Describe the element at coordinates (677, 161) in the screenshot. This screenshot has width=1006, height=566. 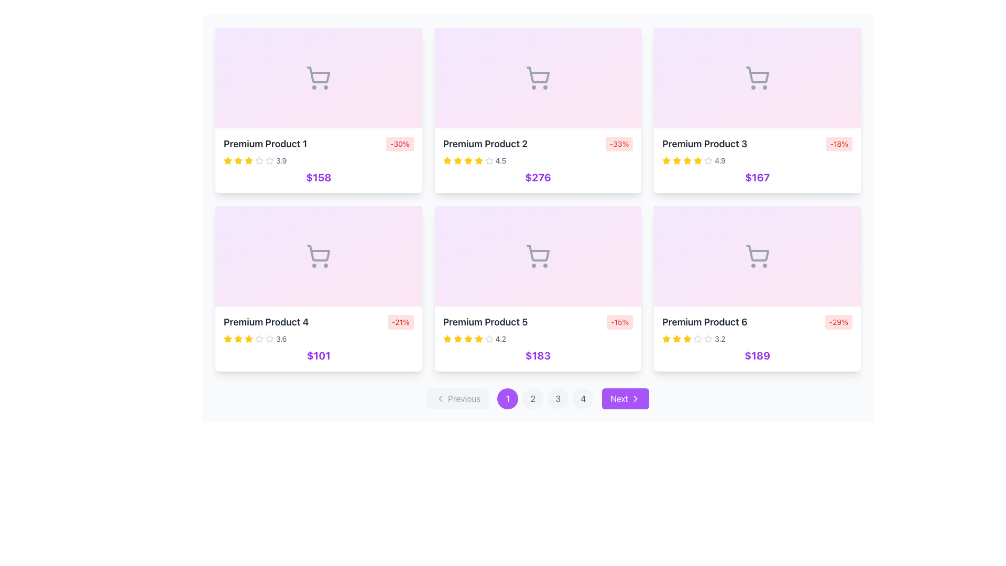
I see `the third yellow star icon in the rating row` at that location.